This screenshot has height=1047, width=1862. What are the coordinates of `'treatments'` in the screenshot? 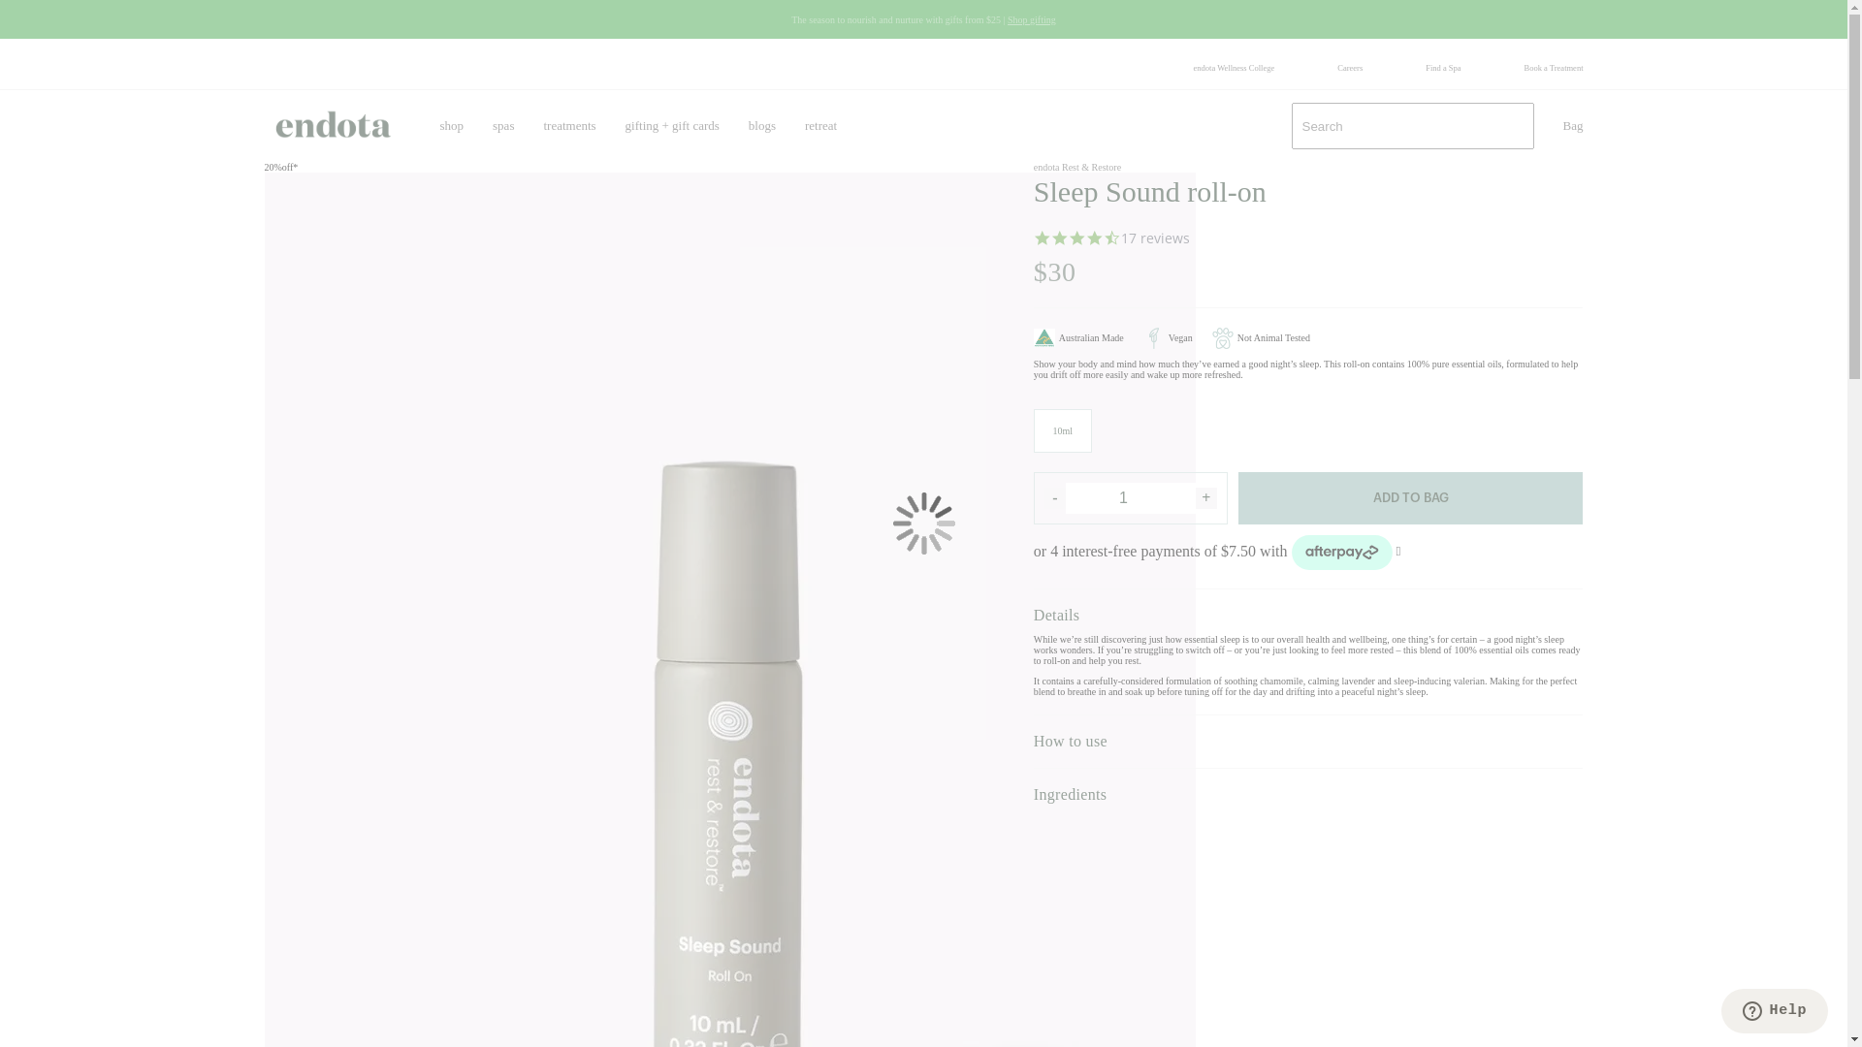 It's located at (567, 126).